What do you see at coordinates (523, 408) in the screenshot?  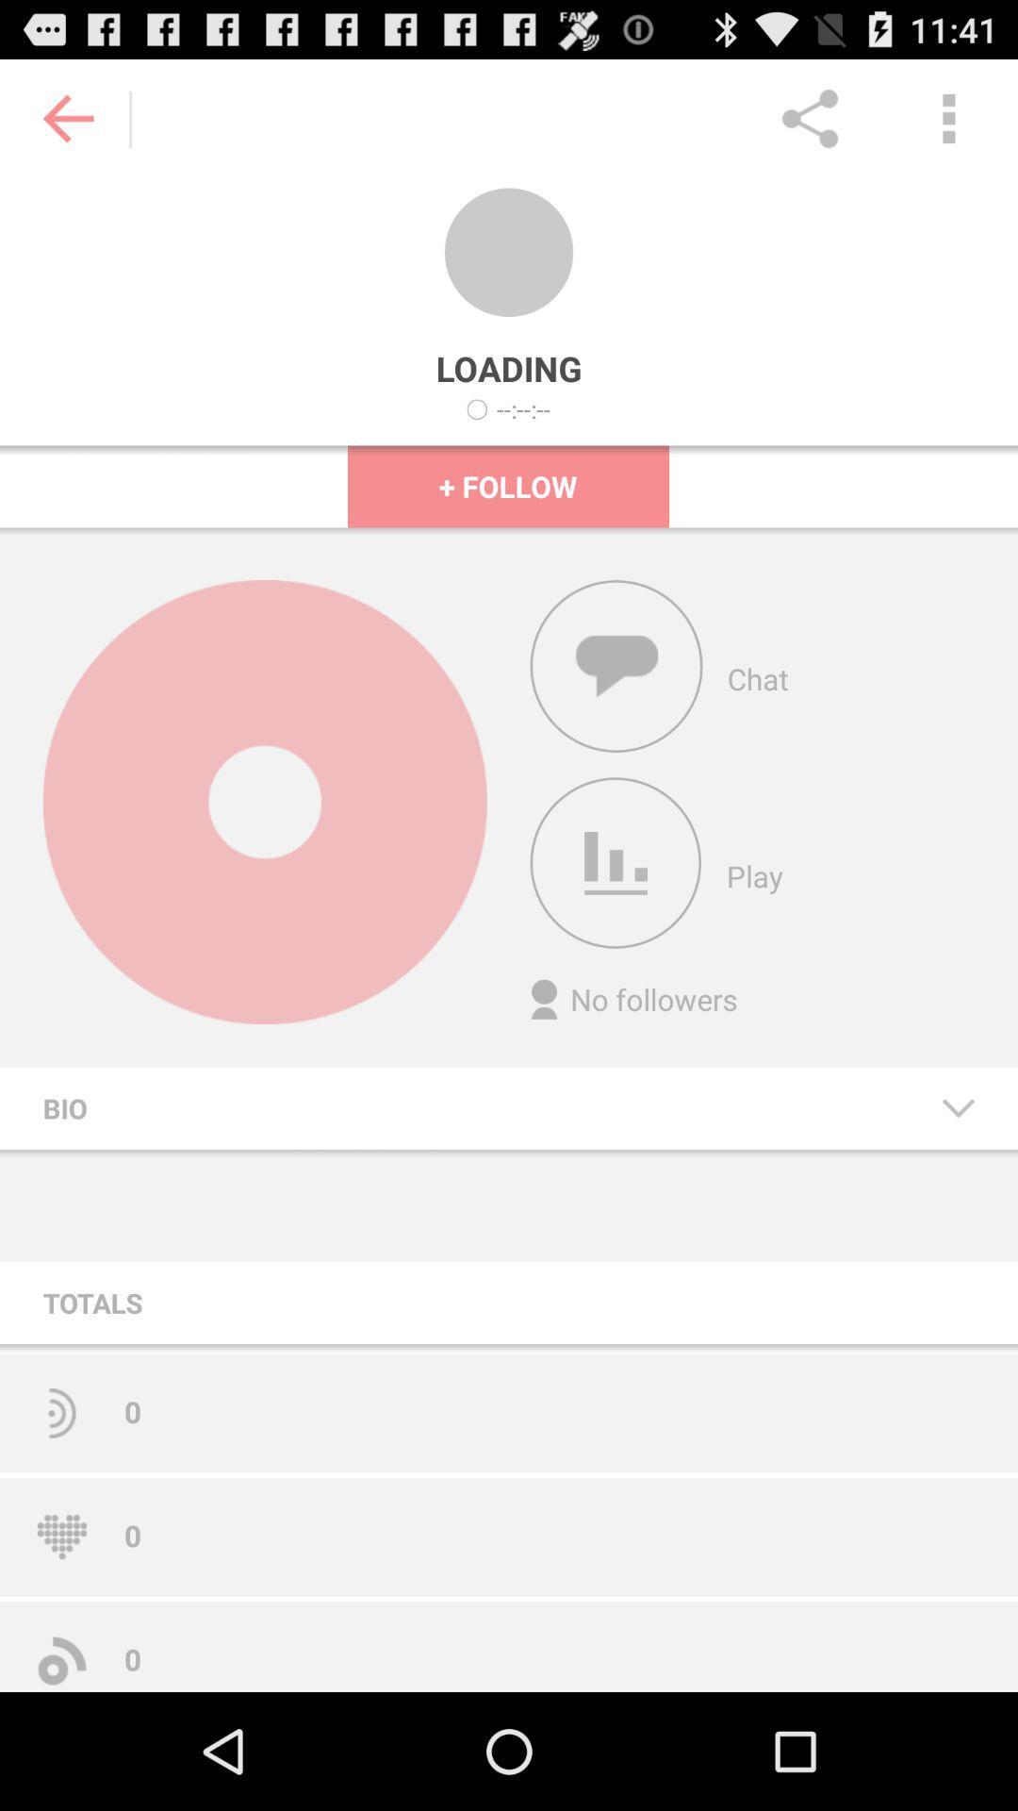 I see `the --:--:-- icon` at bounding box center [523, 408].